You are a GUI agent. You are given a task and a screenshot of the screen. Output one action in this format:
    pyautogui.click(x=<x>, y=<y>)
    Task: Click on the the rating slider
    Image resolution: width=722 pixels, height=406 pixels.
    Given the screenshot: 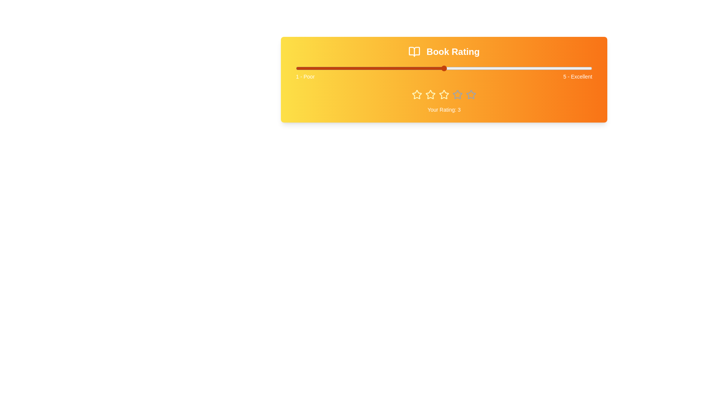 What is the action you would take?
    pyautogui.click(x=517, y=68)
    